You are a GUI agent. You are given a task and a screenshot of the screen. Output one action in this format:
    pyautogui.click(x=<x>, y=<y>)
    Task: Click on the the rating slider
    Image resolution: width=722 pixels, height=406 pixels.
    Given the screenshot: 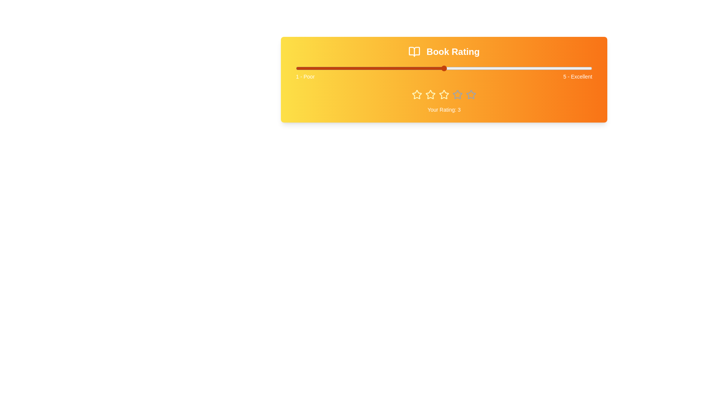 What is the action you would take?
    pyautogui.click(x=517, y=68)
    